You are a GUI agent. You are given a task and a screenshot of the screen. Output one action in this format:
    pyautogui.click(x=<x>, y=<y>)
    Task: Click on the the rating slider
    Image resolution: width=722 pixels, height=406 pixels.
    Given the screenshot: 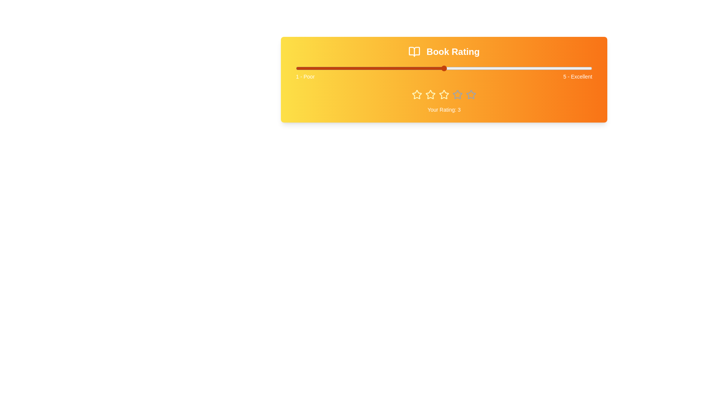 What is the action you would take?
    pyautogui.click(x=517, y=68)
    